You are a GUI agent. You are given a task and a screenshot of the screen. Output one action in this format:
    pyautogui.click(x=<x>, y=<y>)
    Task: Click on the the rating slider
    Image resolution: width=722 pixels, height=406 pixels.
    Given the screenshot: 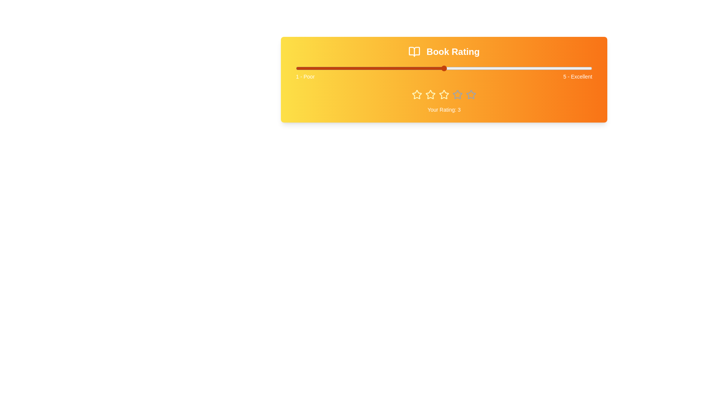 What is the action you would take?
    pyautogui.click(x=517, y=68)
    